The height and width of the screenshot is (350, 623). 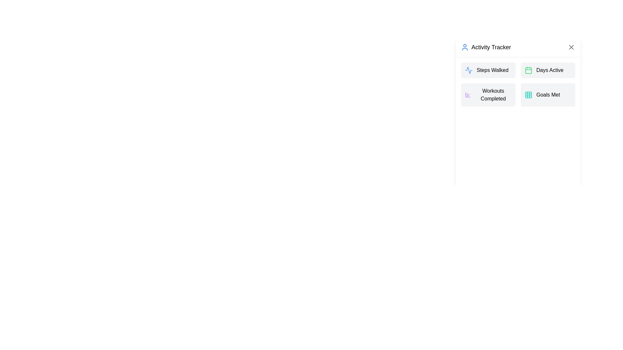 I want to click on the green rectangular icon with rounded corners located in the 'Days Active' section of the grid layout, so click(x=528, y=71).